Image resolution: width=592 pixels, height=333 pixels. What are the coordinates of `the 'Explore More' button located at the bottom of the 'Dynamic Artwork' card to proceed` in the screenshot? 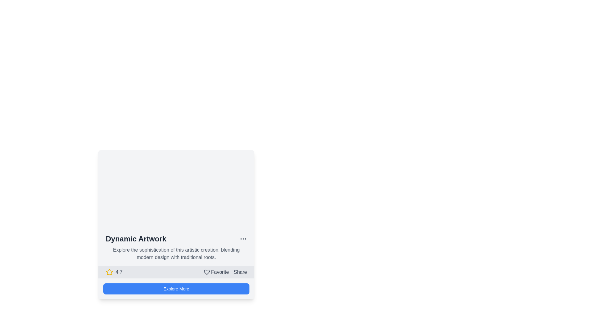 It's located at (176, 289).